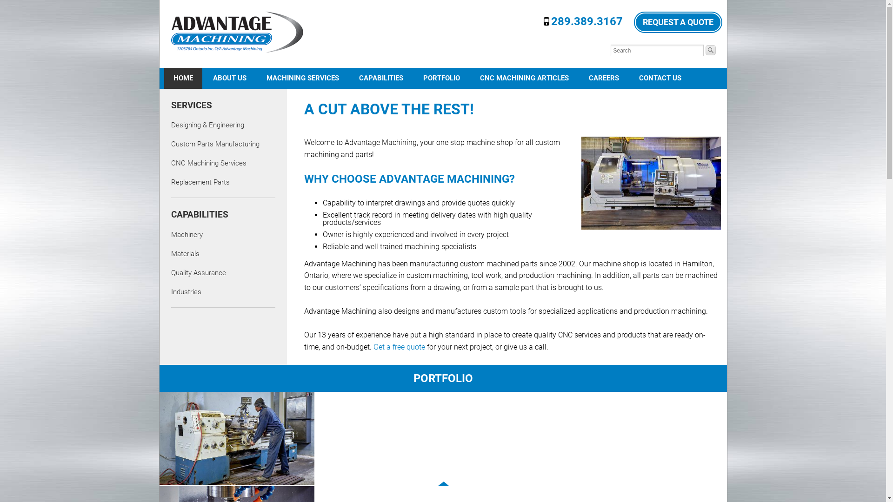 The height and width of the screenshot is (502, 893). Describe the element at coordinates (187, 234) in the screenshot. I see `'Machinery'` at that location.